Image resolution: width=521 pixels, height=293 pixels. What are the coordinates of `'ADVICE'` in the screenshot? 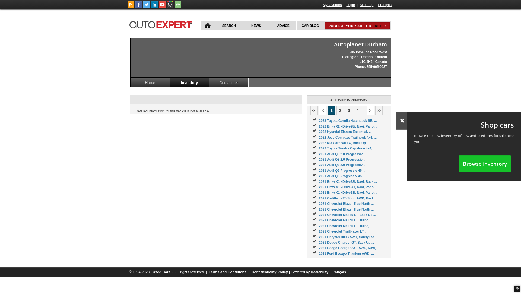 It's located at (282, 26).